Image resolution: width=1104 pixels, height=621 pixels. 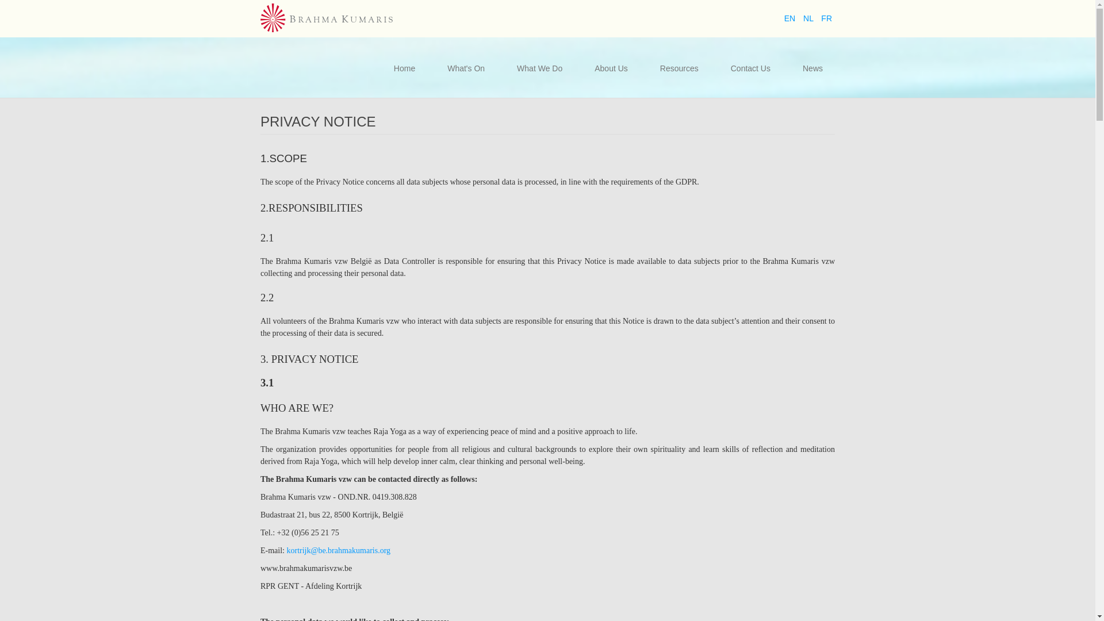 What do you see at coordinates (812, 68) in the screenshot?
I see `'News'` at bounding box center [812, 68].